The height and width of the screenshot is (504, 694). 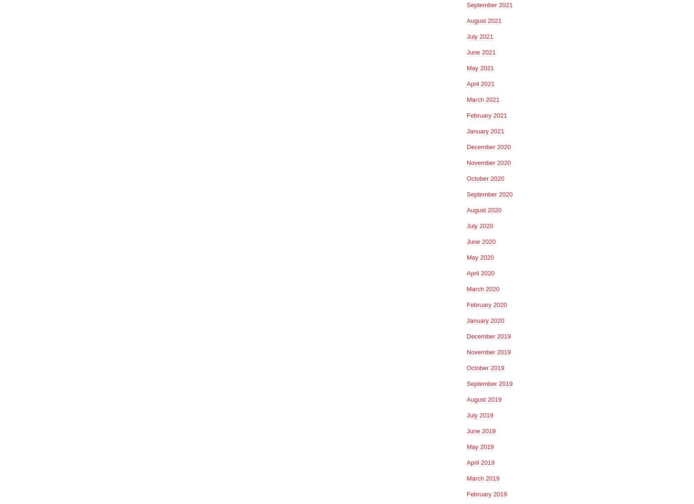 I want to click on 'October 2020', so click(x=485, y=177).